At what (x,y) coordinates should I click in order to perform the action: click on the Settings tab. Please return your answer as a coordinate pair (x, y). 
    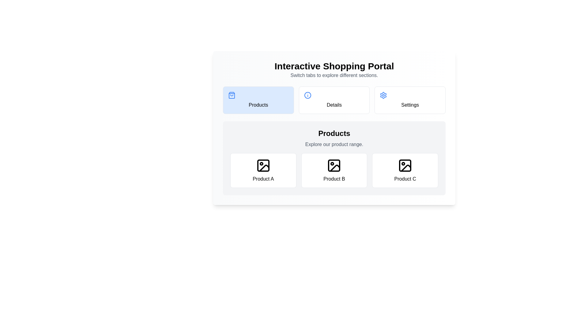
    Looking at the image, I should click on (410, 100).